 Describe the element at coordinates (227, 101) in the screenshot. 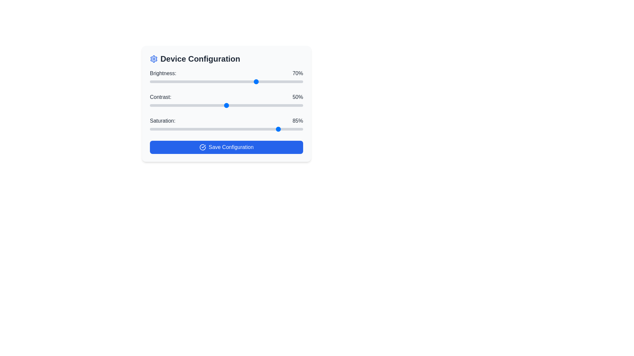

I see `the current contrast value by interacting with the Slider labeled 'Contrast: 50%' in the 'Device Configuration' section` at that location.